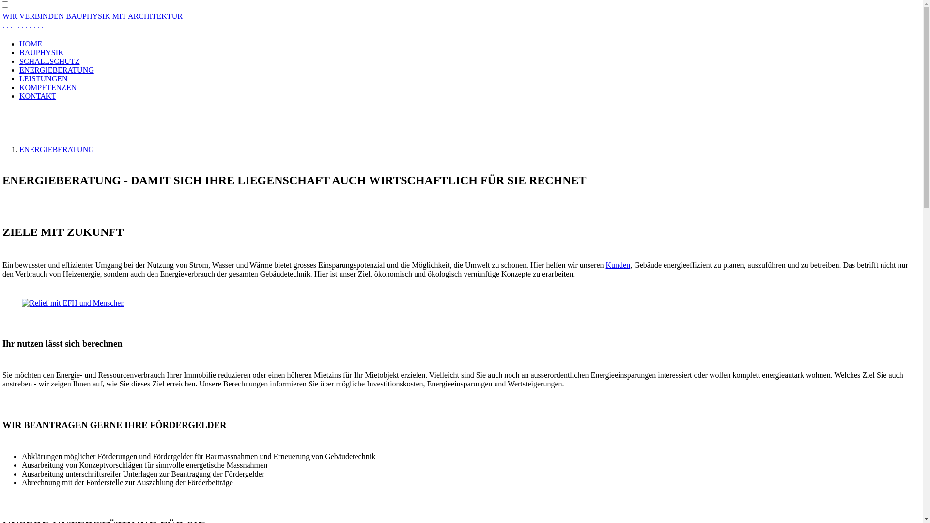  Describe the element at coordinates (47, 87) in the screenshot. I see `'KOMPETENZEN'` at that location.